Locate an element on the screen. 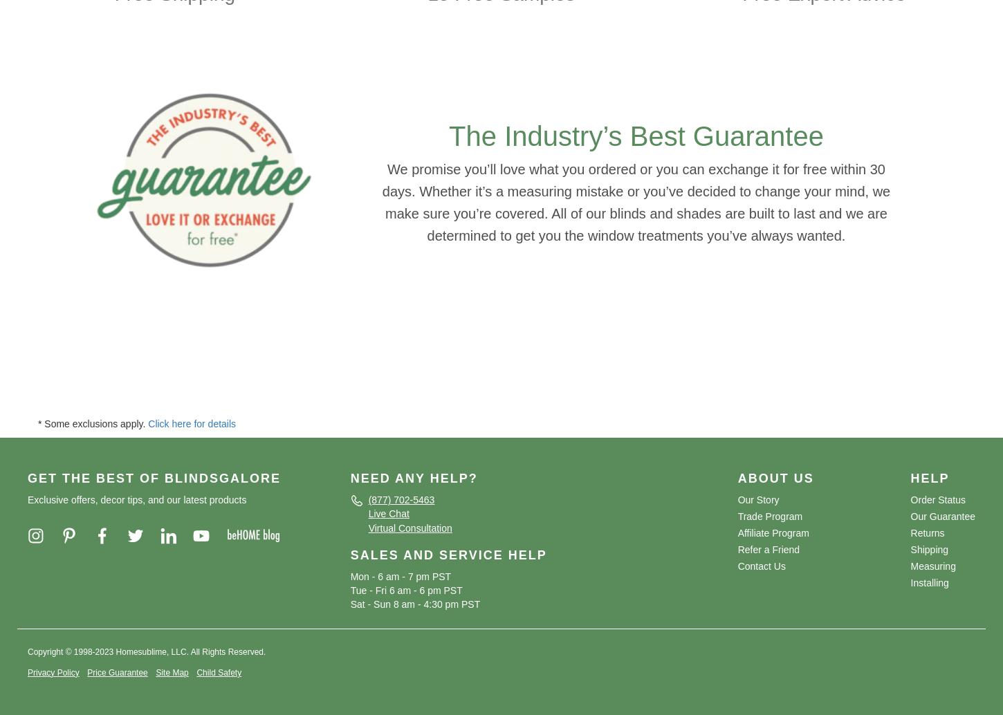  'Child Safety' is located at coordinates (219, 671).